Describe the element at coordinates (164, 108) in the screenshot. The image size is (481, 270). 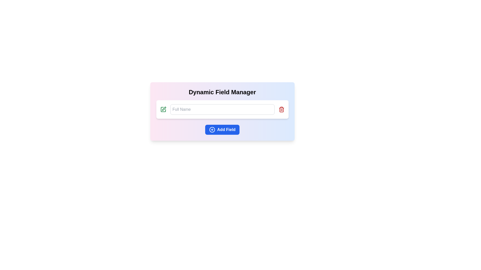
I see `the edit button icon located on the left side of the input field labelled 'Full Name'` at that location.